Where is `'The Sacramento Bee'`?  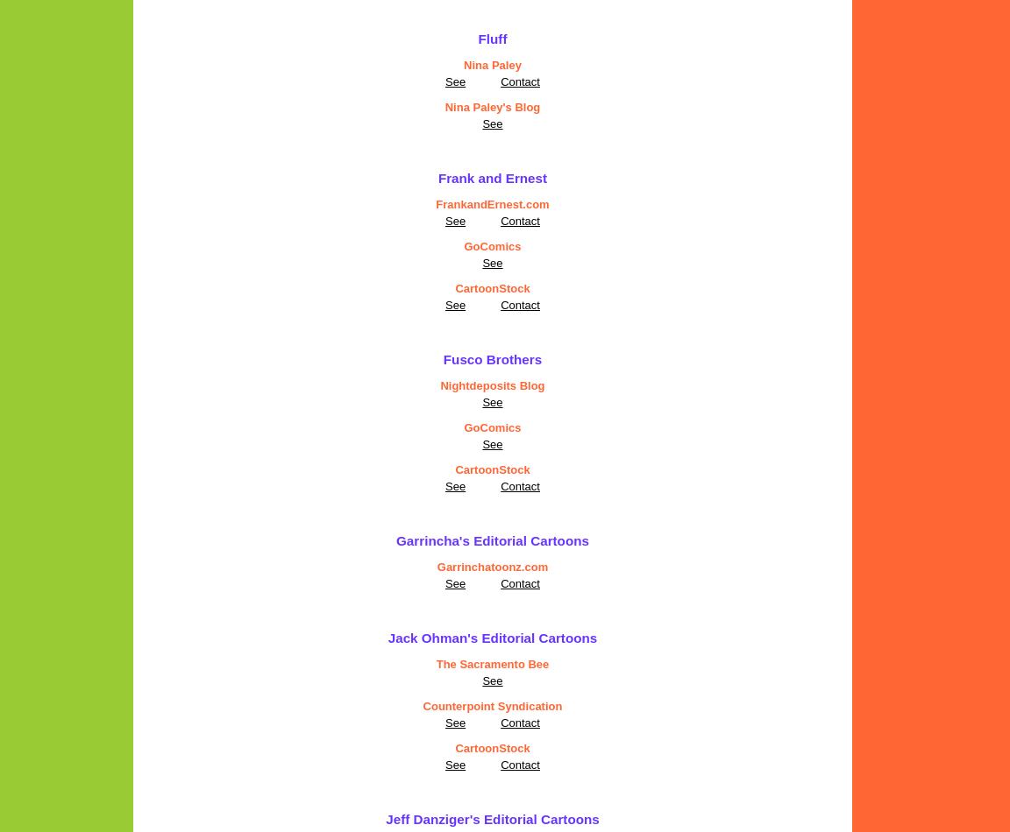 'The Sacramento Bee' is located at coordinates (492, 663).